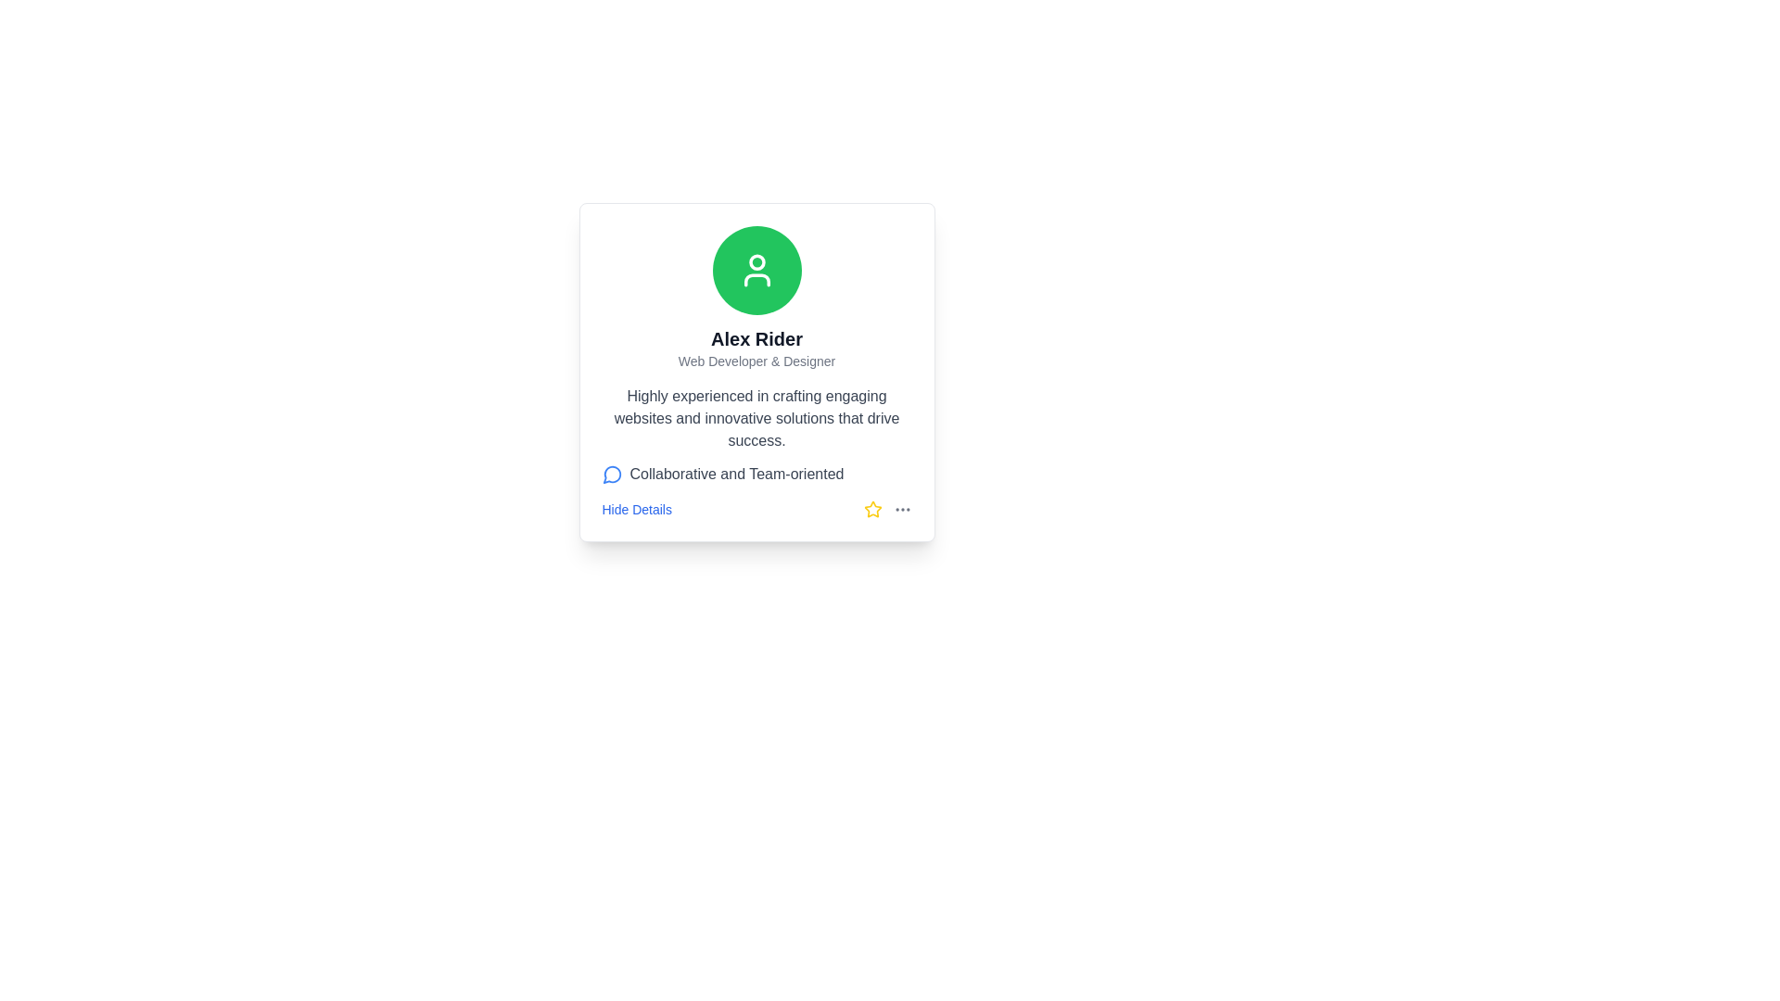 This screenshot has width=1780, height=1001. What do you see at coordinates (886, 510) in the screenshot?
I see `the Icon group located at the bottom right corner of the card interface, which consists of a yellow star icon followed by three gray dots` at bounding box center [886, 510].